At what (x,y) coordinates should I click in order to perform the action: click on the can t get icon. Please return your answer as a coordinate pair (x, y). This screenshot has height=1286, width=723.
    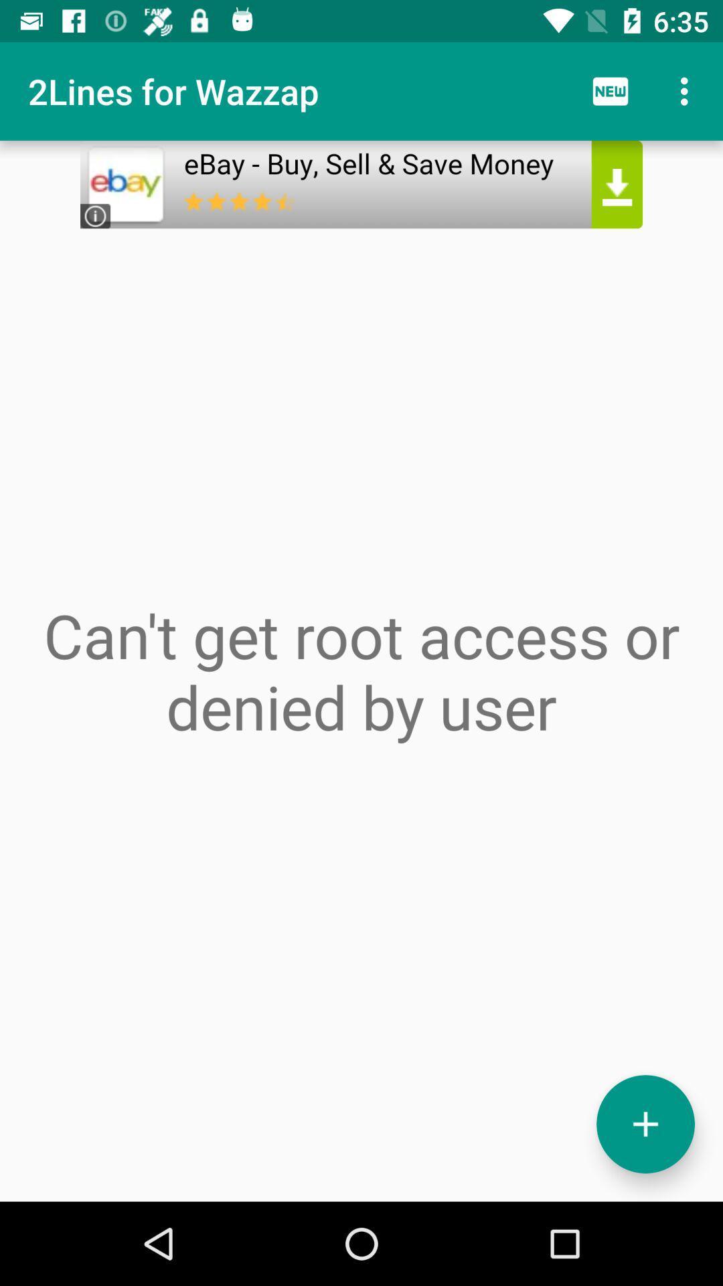
    Looking at the image, I should click on (361, 670).